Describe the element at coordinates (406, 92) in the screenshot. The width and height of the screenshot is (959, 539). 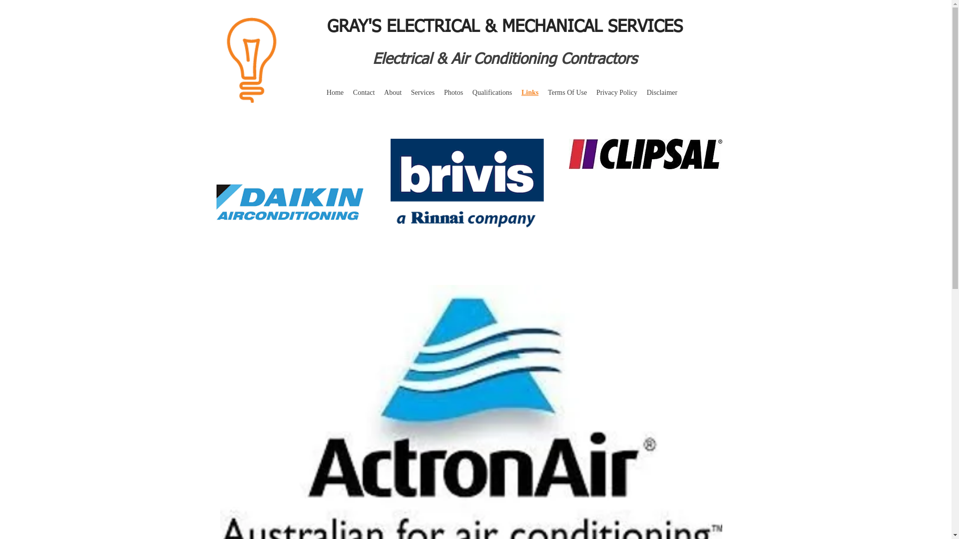
I see `'Services'` at that location.